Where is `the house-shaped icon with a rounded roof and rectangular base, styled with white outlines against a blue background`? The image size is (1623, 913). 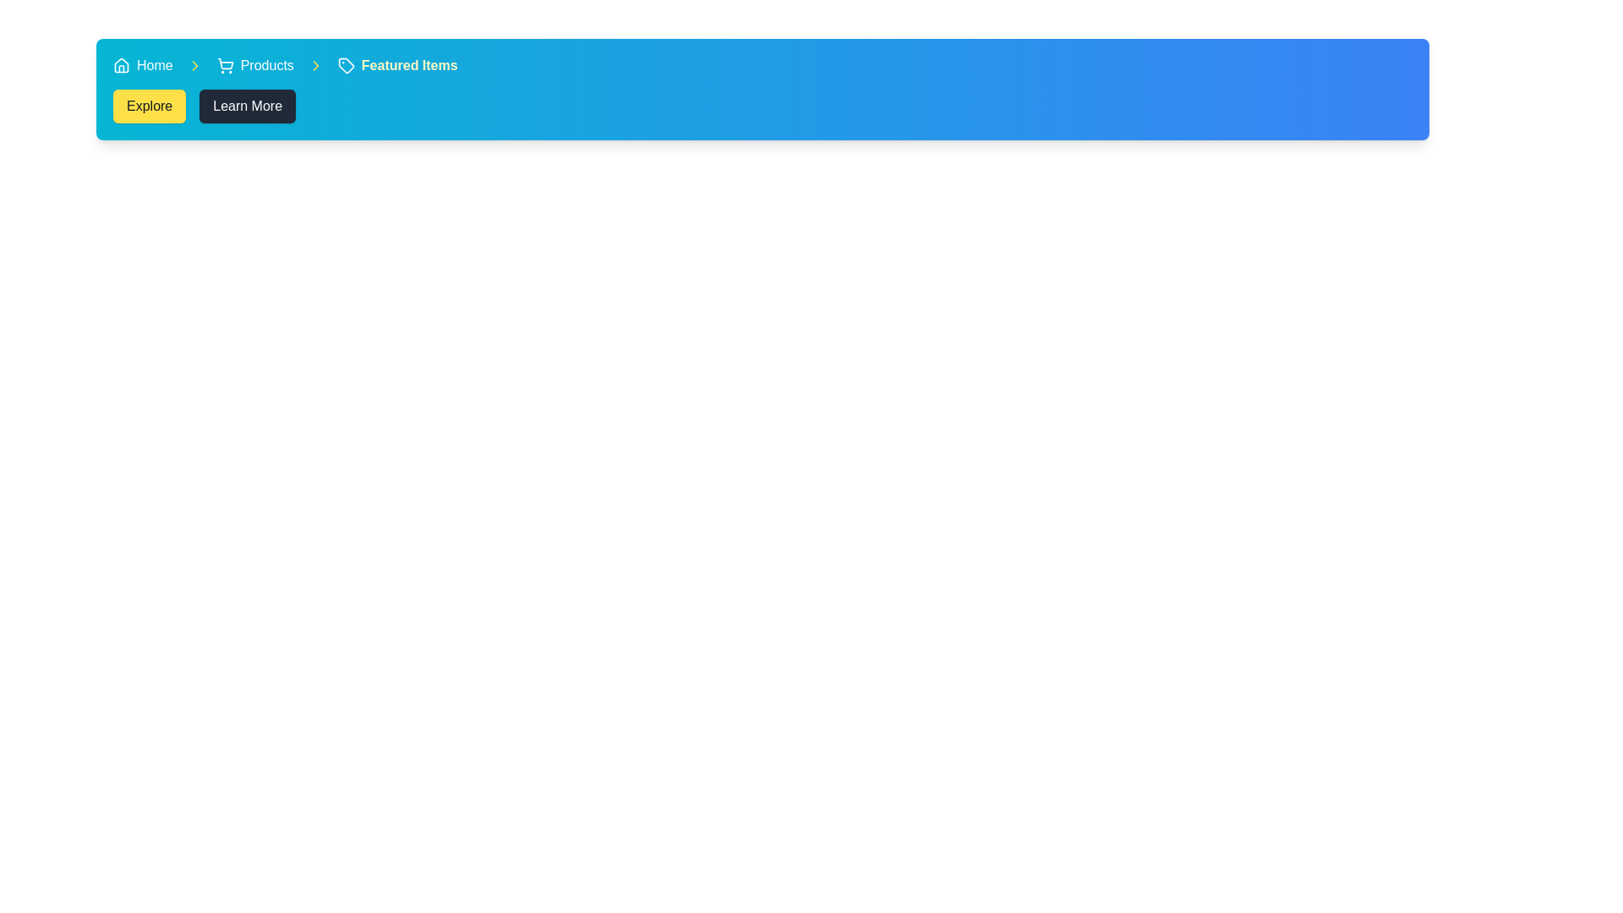 the house-shaped icon with a rounded roof and rectangular base, styled with white outlines against a blue background is located at coordinates (121, 64).